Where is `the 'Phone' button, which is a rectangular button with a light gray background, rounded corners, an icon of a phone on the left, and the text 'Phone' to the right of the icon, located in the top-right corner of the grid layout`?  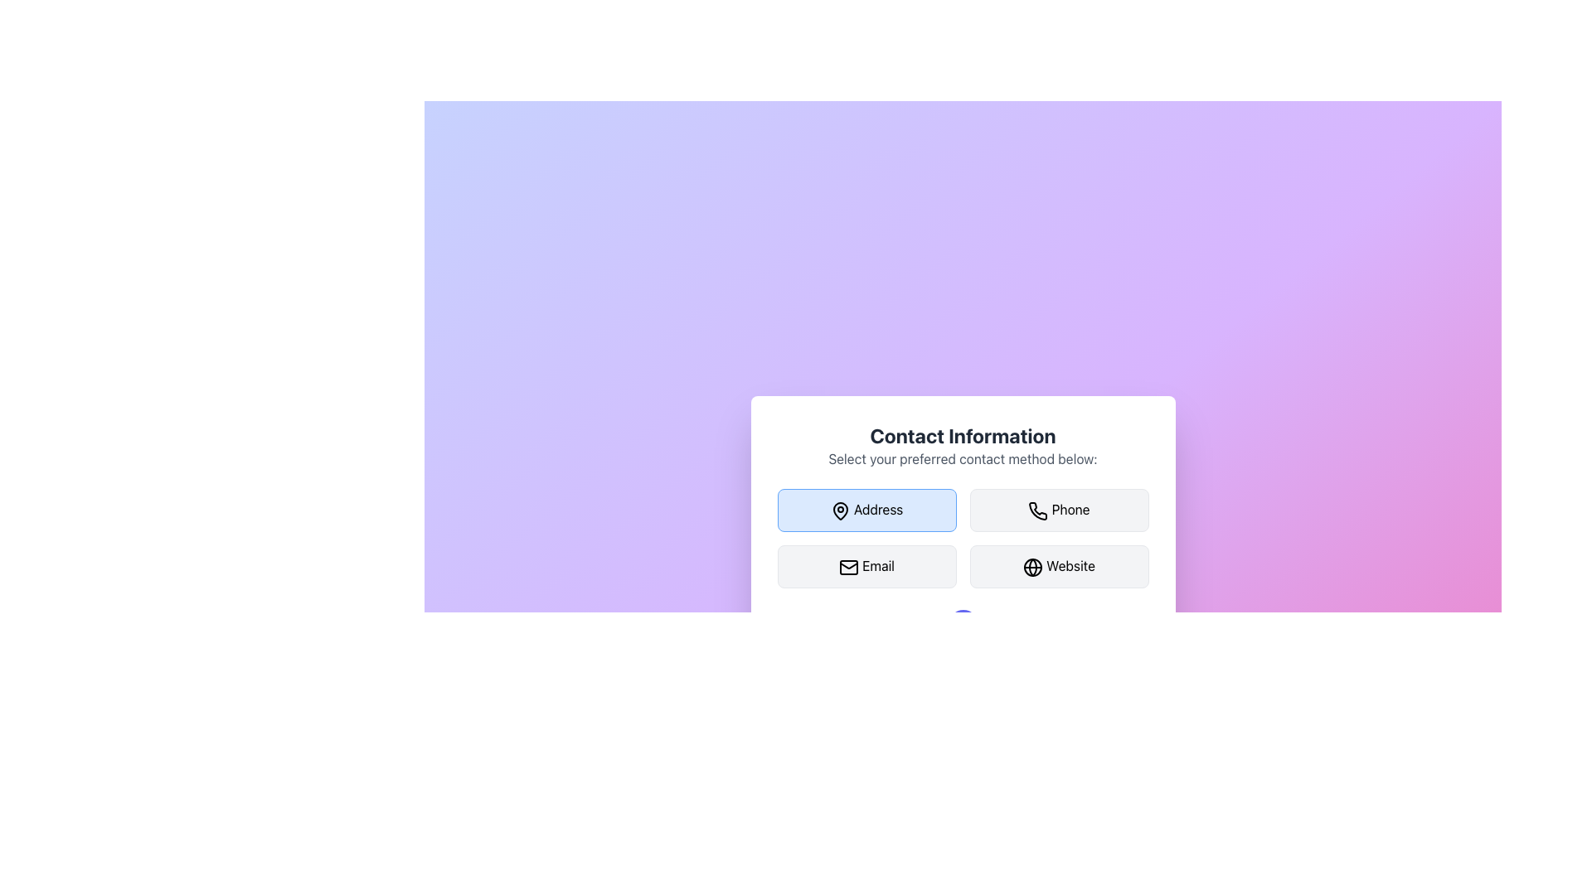
the 'Phone' button, which is a rectangular button with a light gray background, rounded corners, an icon of a phone on the left, and the text 'Phone' to the right of the icon, located in the top-right corner of the grid layout is located at coordinates (1058, 510).